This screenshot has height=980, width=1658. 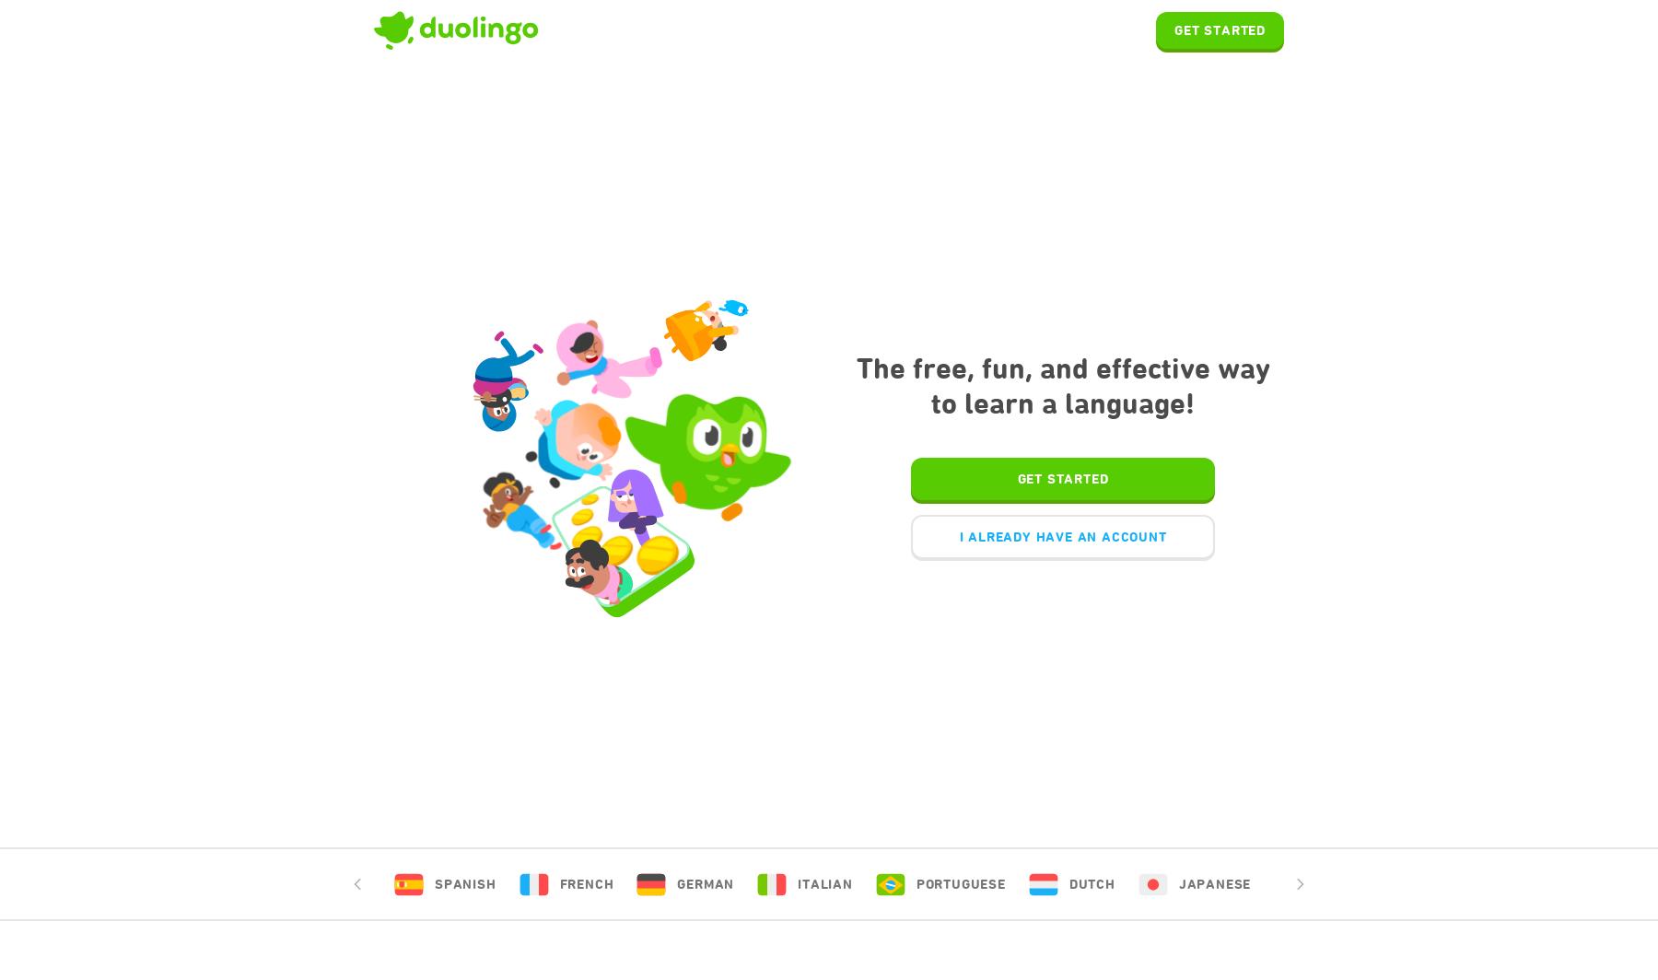 I want to click on 'Czech', so click(x=1429, y=884).